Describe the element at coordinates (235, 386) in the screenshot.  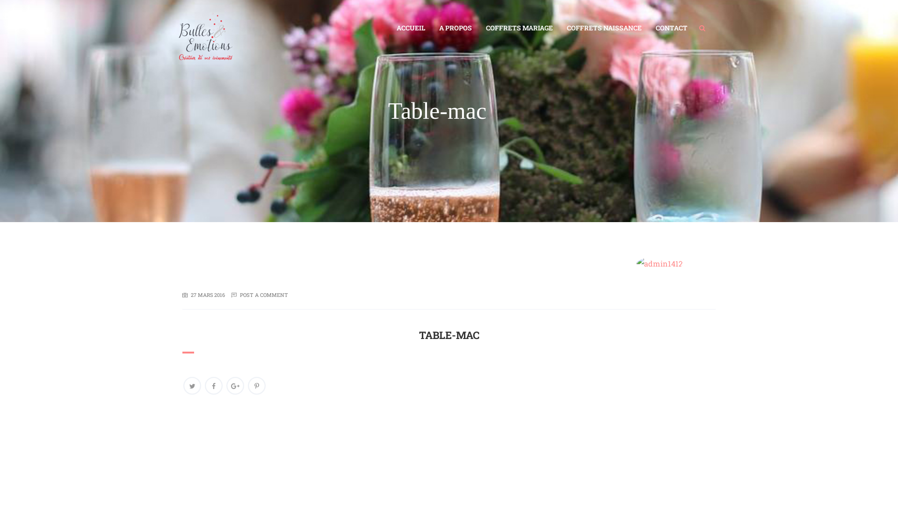
I see `'Google +'` at that location.